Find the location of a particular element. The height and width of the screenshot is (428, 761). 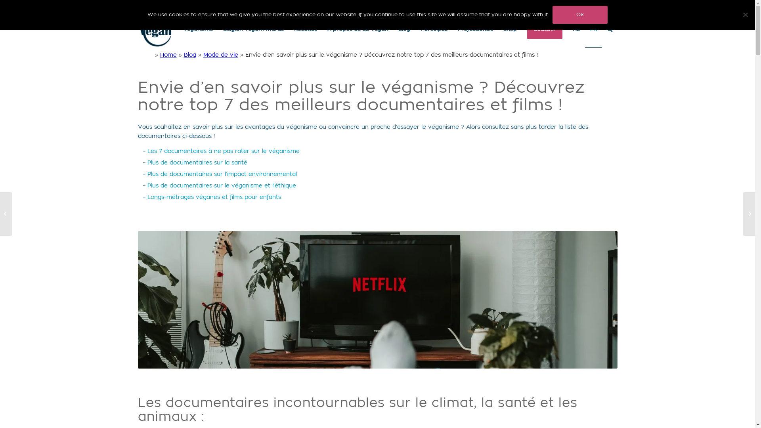

'Soutenir' is located at coordinates (521, 29).